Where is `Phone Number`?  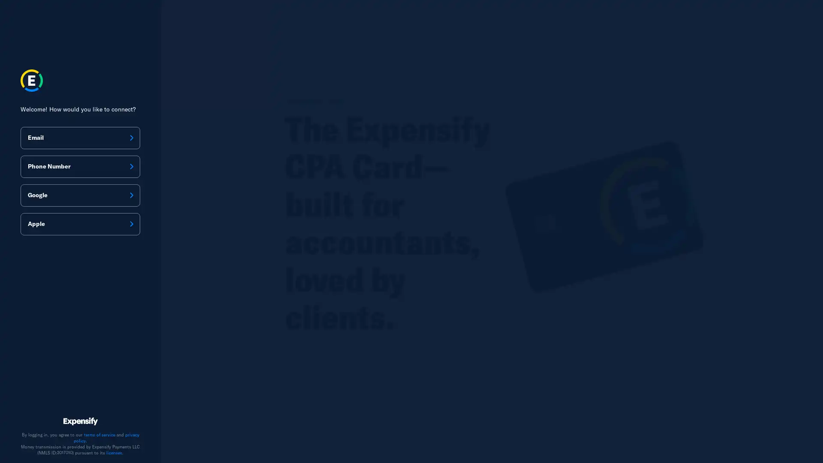
Phone Number is located at coordinates (80, 166).